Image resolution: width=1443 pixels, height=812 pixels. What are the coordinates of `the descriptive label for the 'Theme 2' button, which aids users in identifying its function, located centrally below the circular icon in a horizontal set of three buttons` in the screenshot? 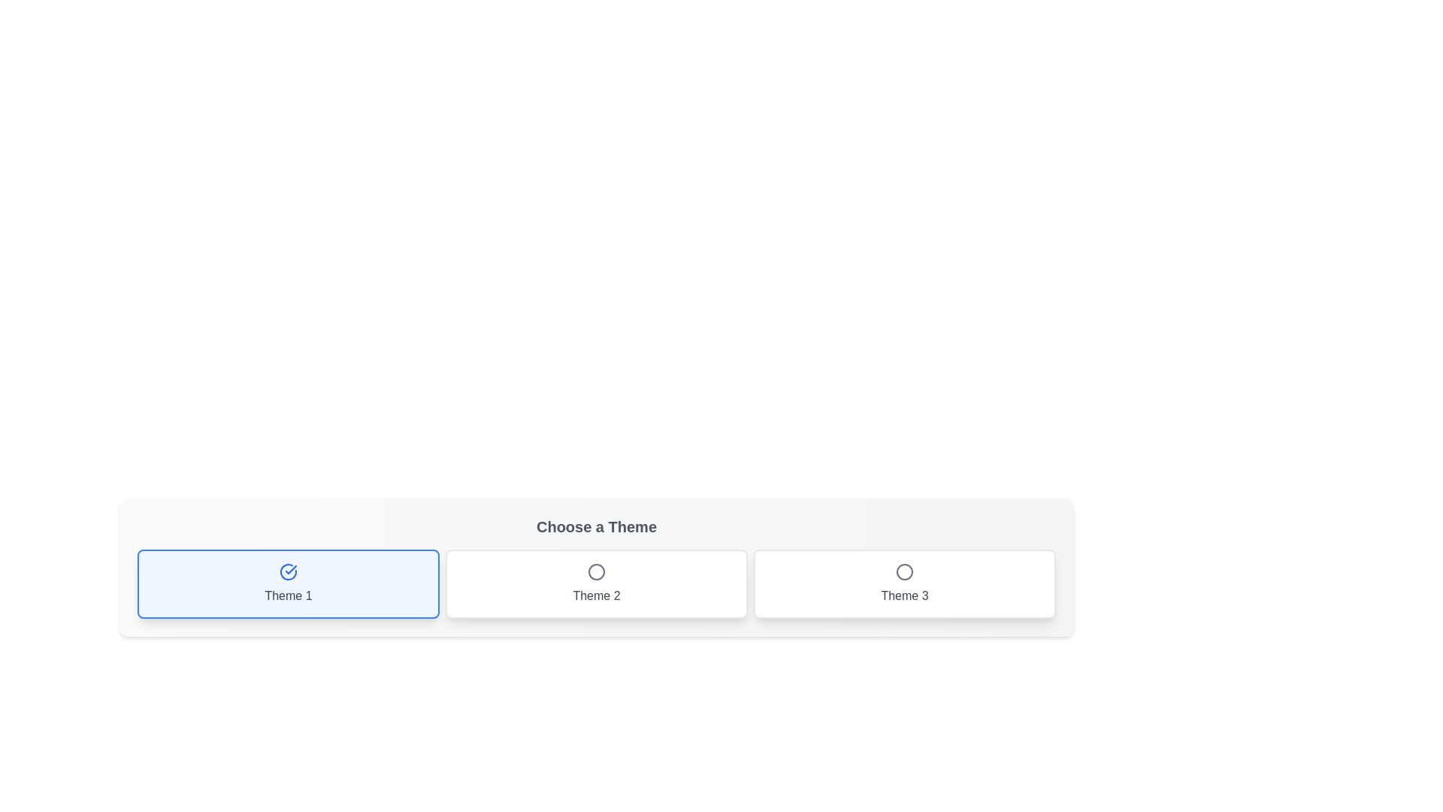 It's located at (595, 595).